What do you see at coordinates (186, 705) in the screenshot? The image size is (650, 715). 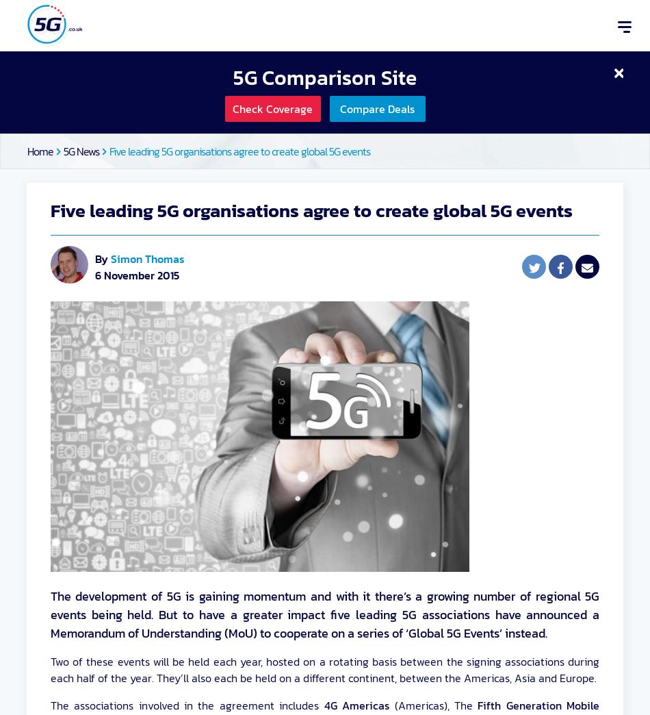 I see `'The associations involved in the agreement includes'` at bounding box center [186, 705].